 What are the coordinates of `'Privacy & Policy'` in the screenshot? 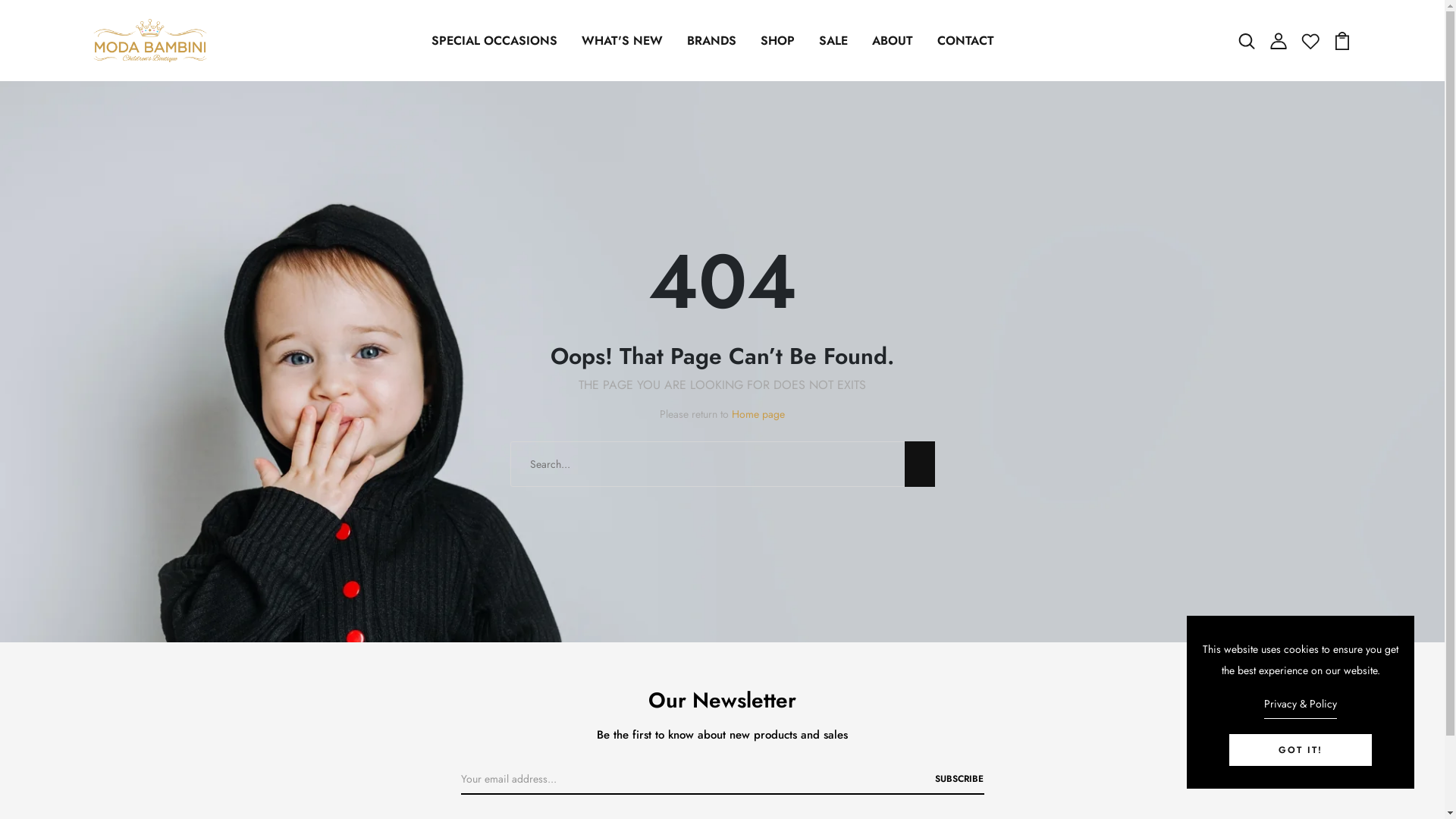 It's located at (1263, 705).